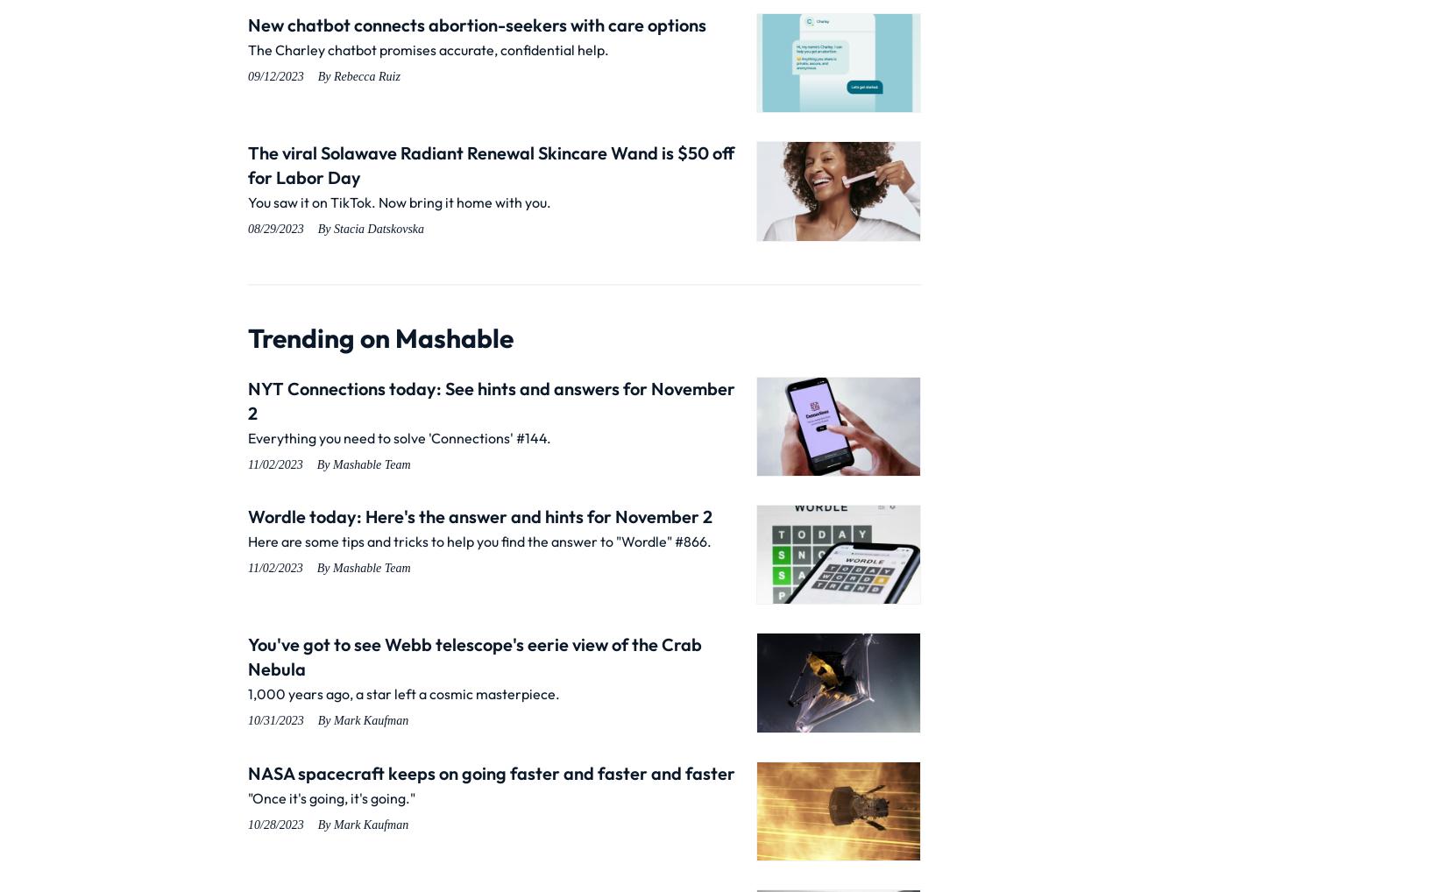 The width and height of the screenshot is (1446, 892). I want to click on '09/12/2023', so click(275, 75).